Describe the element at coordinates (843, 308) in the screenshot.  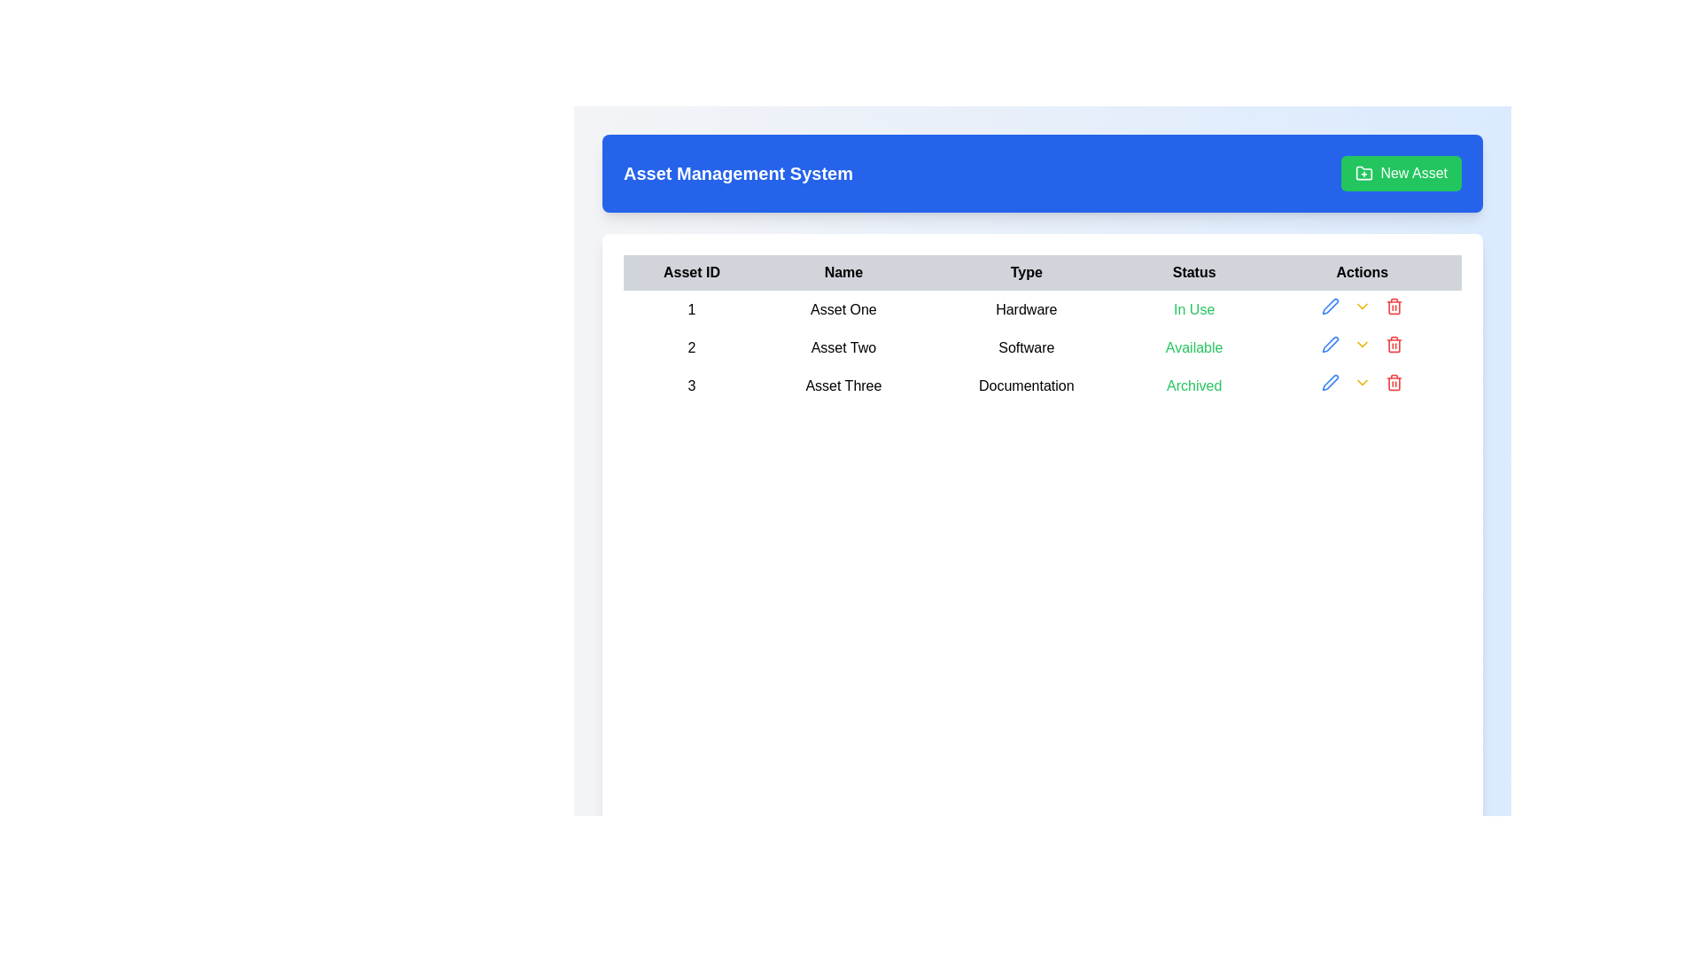
I see `the Text label in the second column of the first row of the table, which indicates the name of an asset, positioned between '1' and 'Hardware'` at that location.